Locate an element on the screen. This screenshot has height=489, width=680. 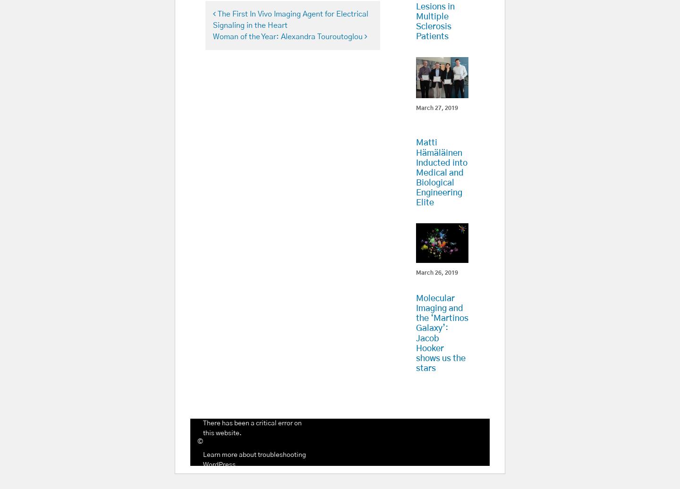
'Learn more about troubleshooting WordPress.' is located at coordinates (254, 460).